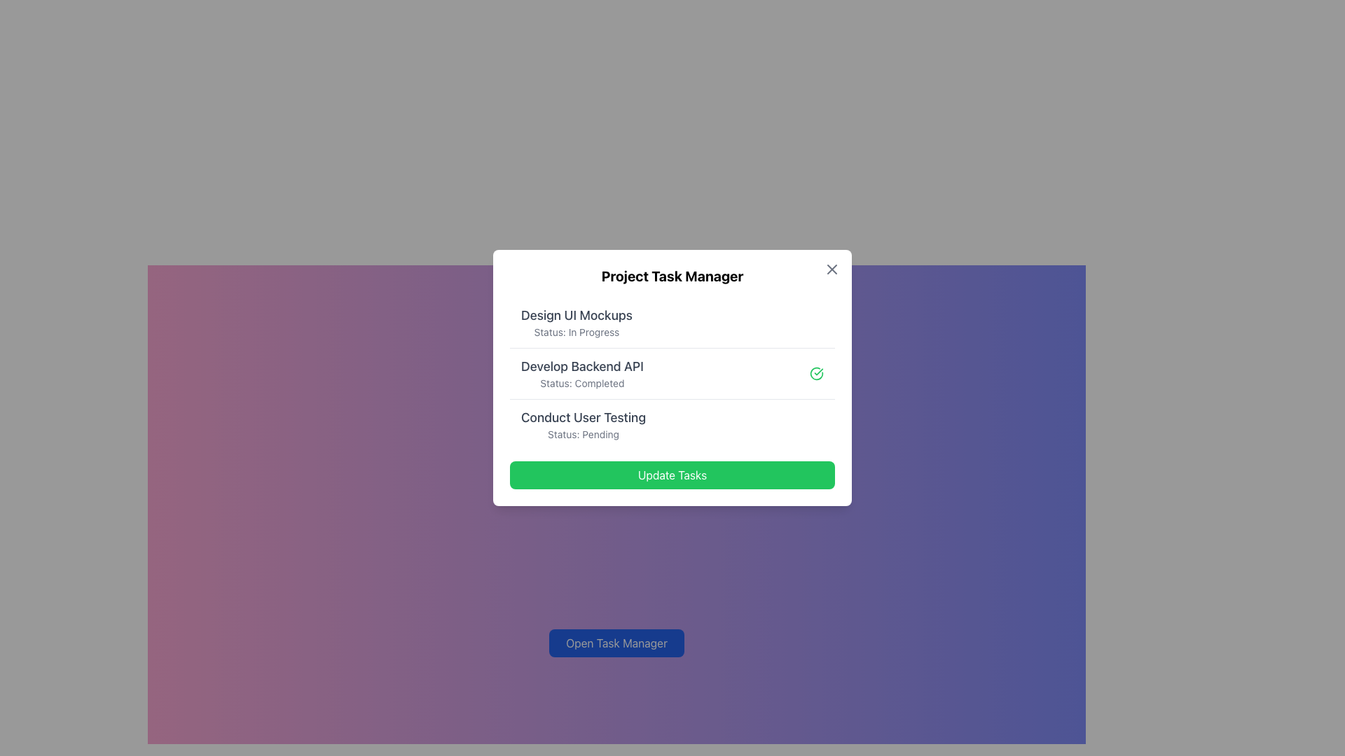 The width and height of the screenshot is (1345, 756). I want to click on the static text label that serves as the title for the task manager card, located at the center top of the card interface, so click(672, 276).